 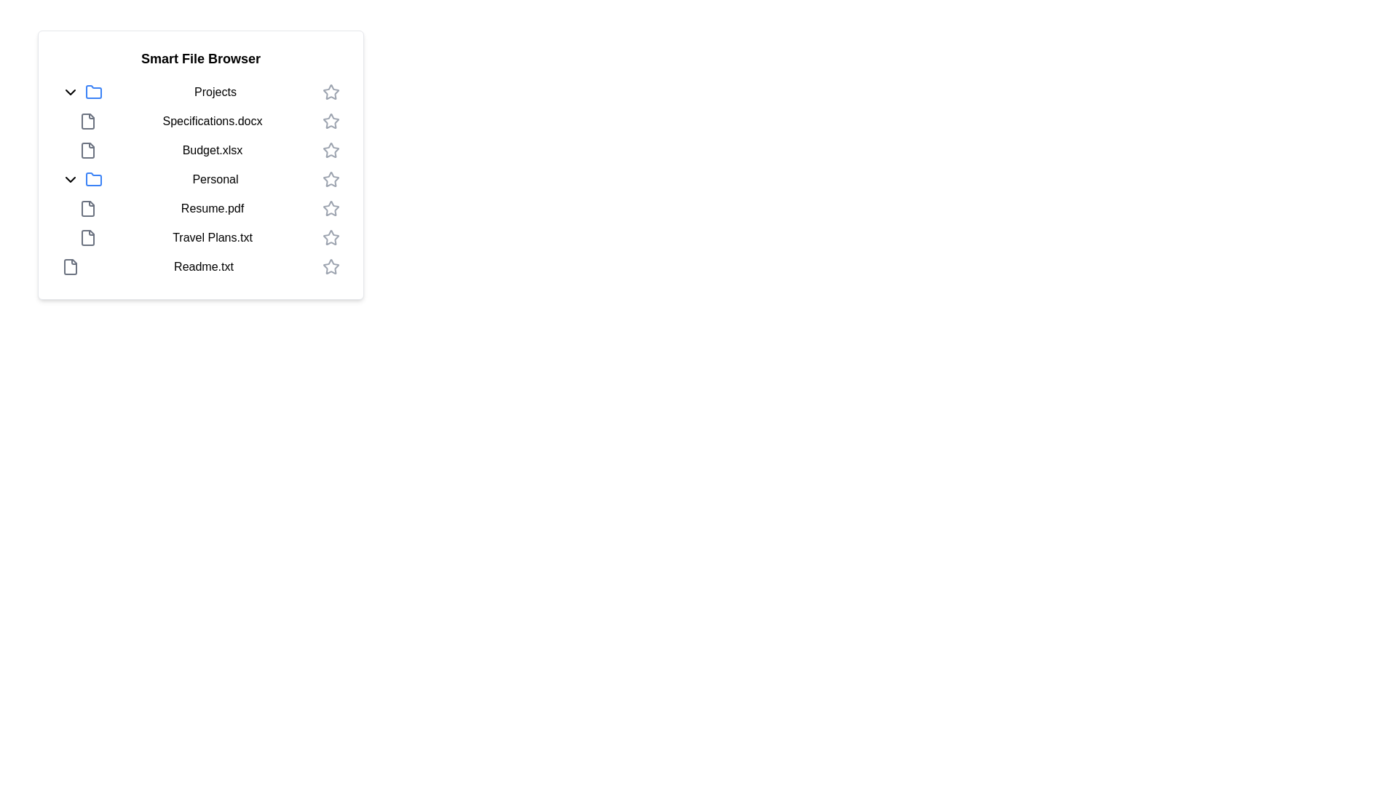 What do you see at coordinates (202, 266) in the screenshot?
I see `to select the file named 'Readme.txt' displayed in the file browser under the 'Personal' directory` at bounding box center [202, 266].